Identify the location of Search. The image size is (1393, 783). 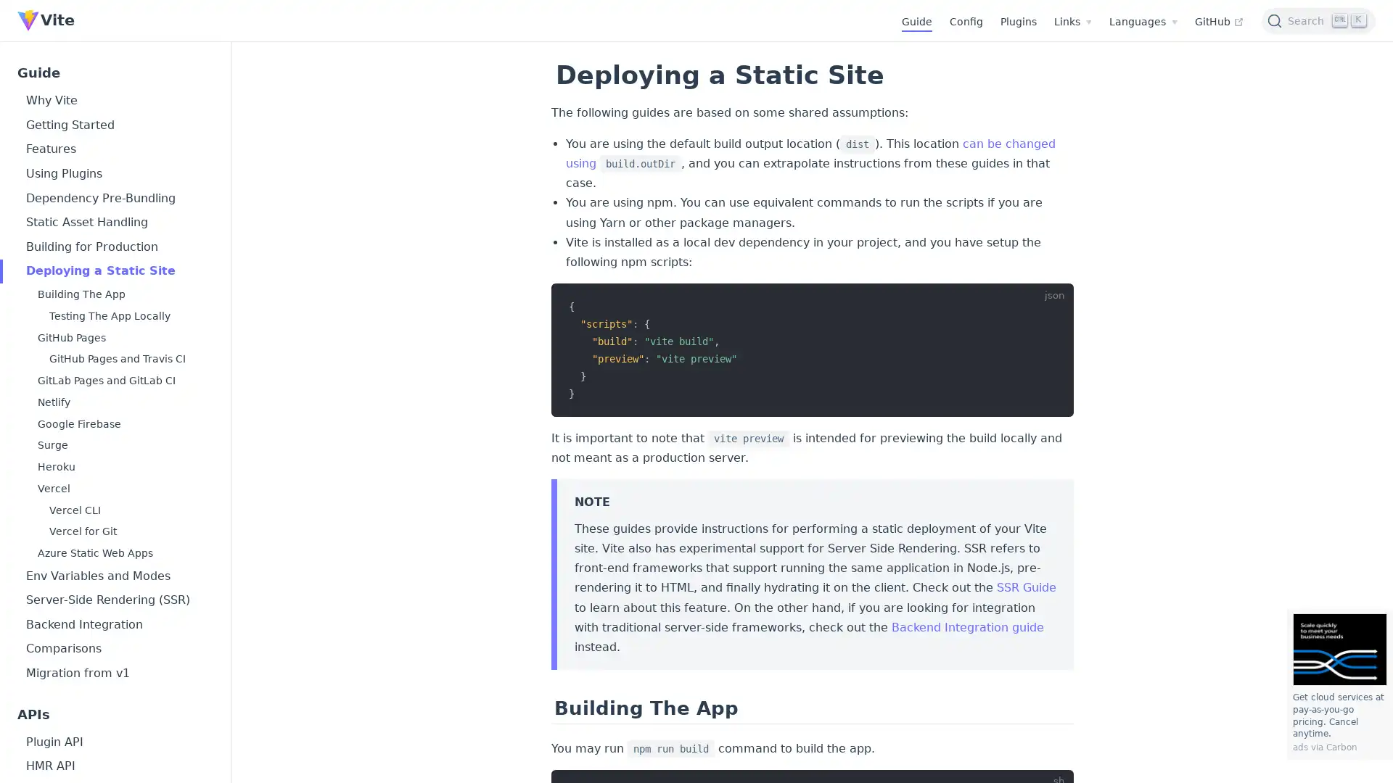
(1318, 20).